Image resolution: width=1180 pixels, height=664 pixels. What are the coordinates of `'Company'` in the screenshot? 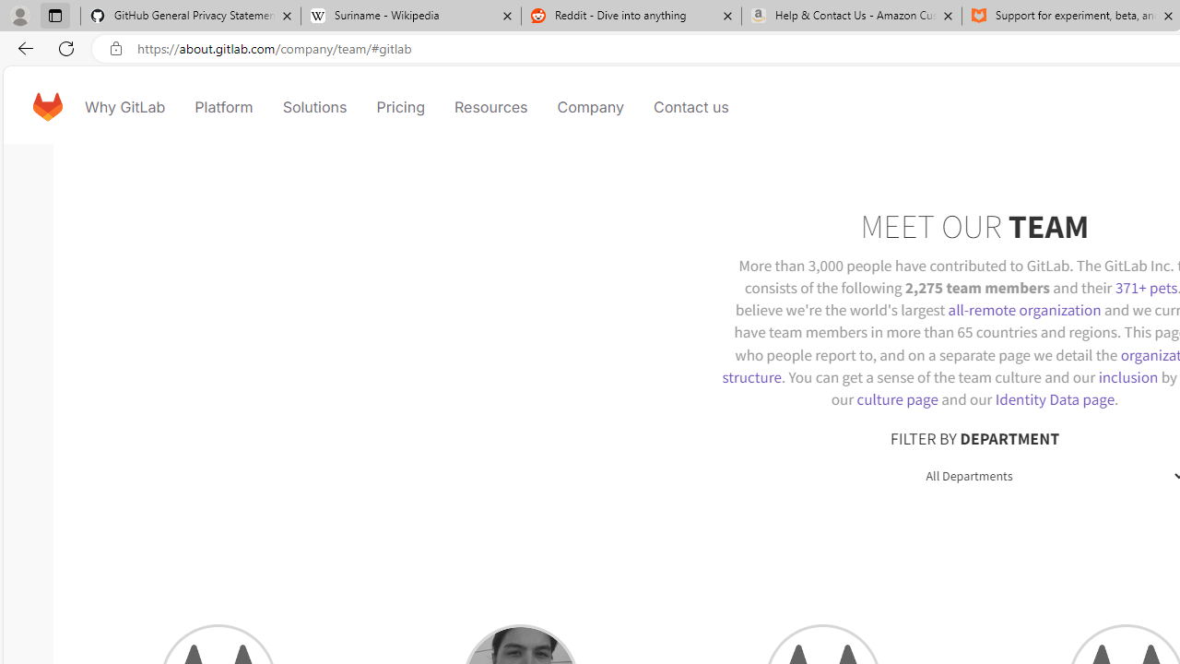 It's located at (590, 106).